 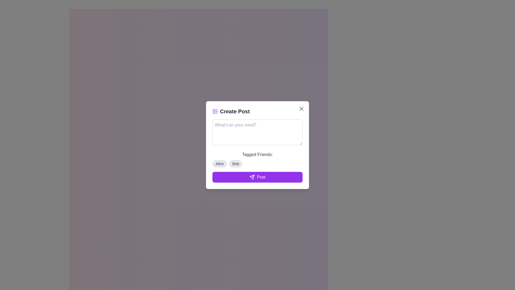 I want to click on the close button located at the top-right corner of the modal window, so click(x=301, y=108).